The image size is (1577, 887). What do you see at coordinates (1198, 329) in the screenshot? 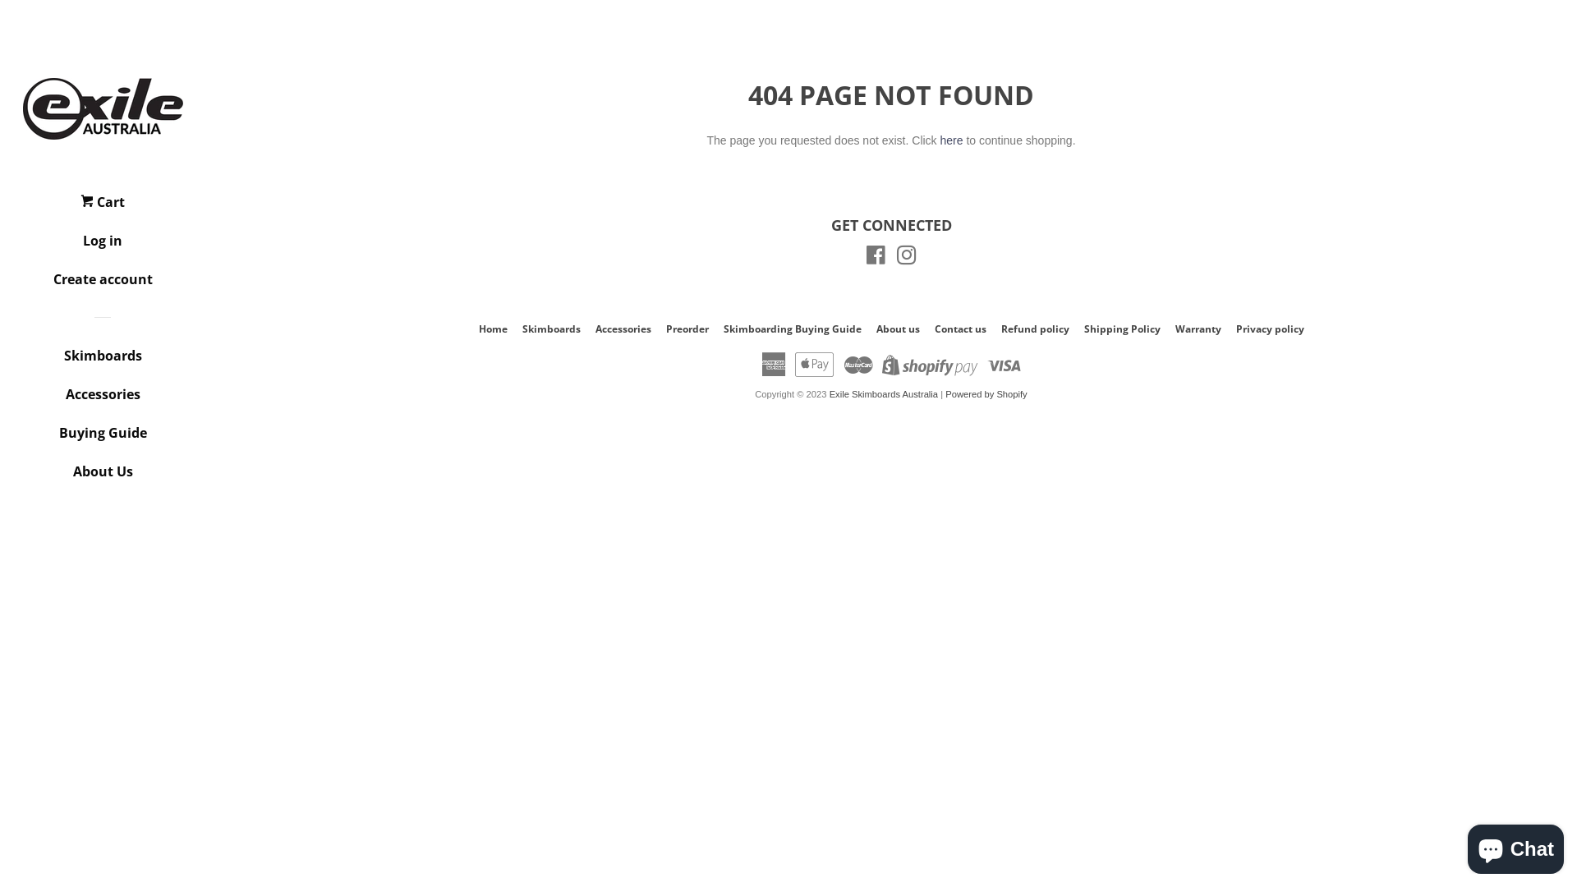
I see `'Warranty'` at bounding box center [1198, 329].